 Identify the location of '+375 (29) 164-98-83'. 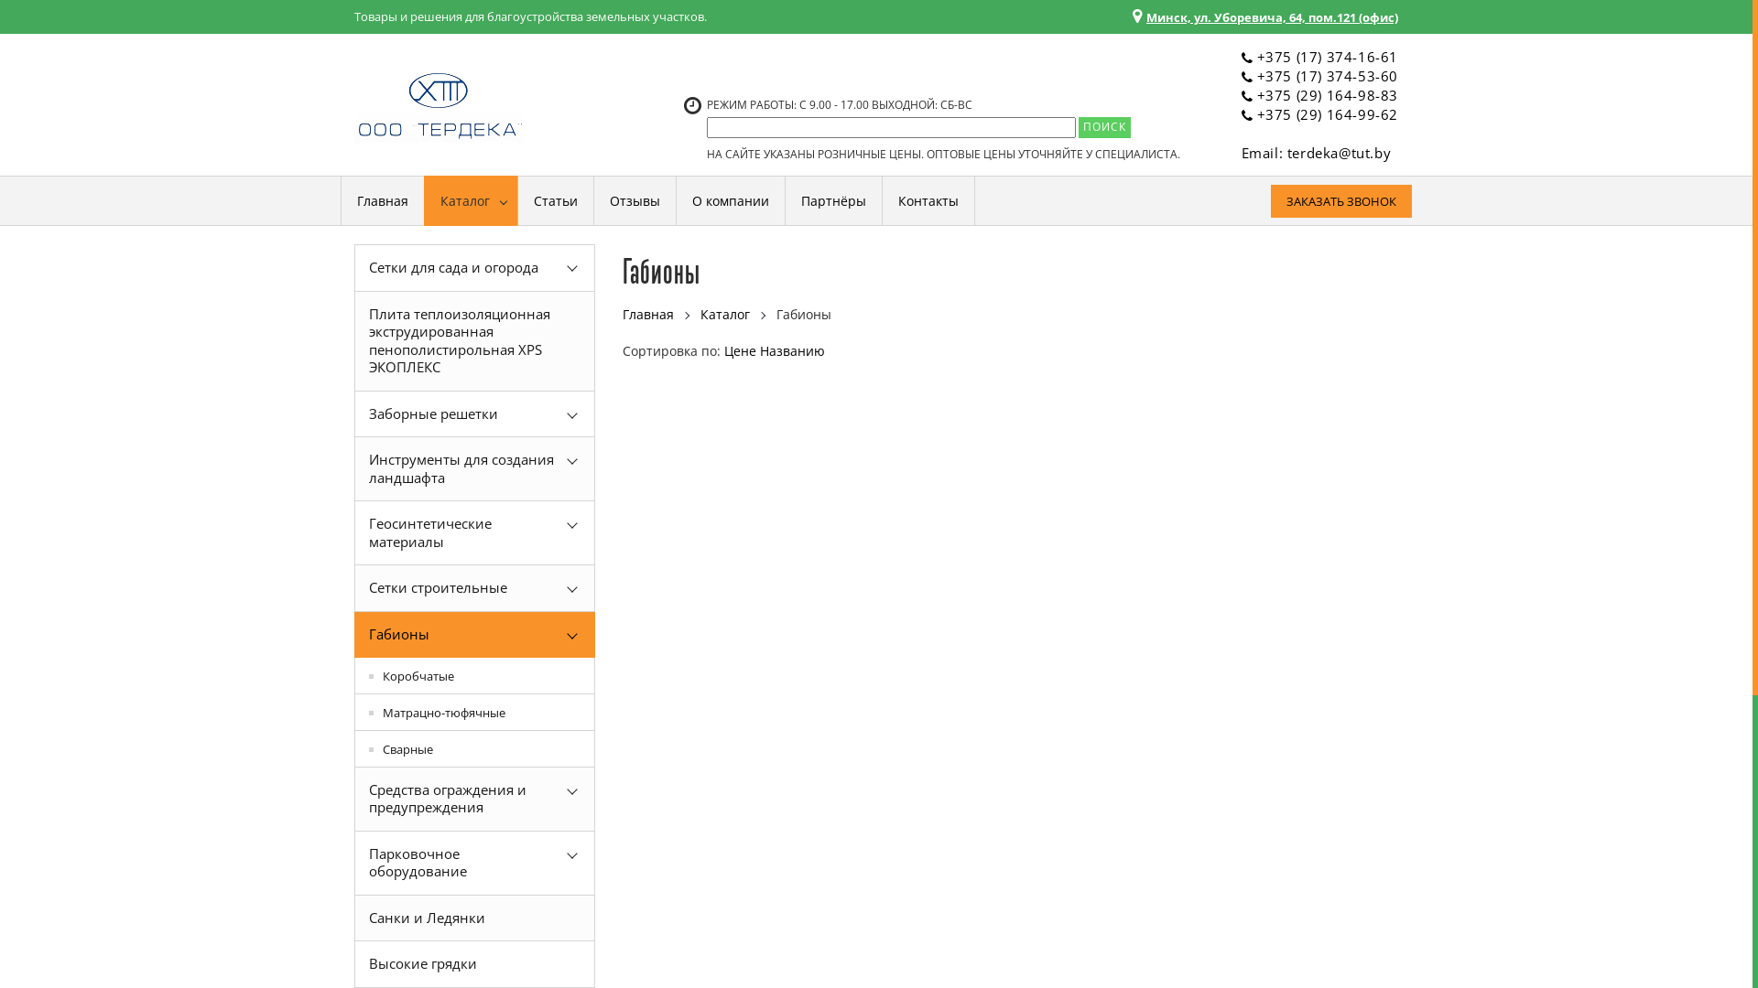
(1327, 95).